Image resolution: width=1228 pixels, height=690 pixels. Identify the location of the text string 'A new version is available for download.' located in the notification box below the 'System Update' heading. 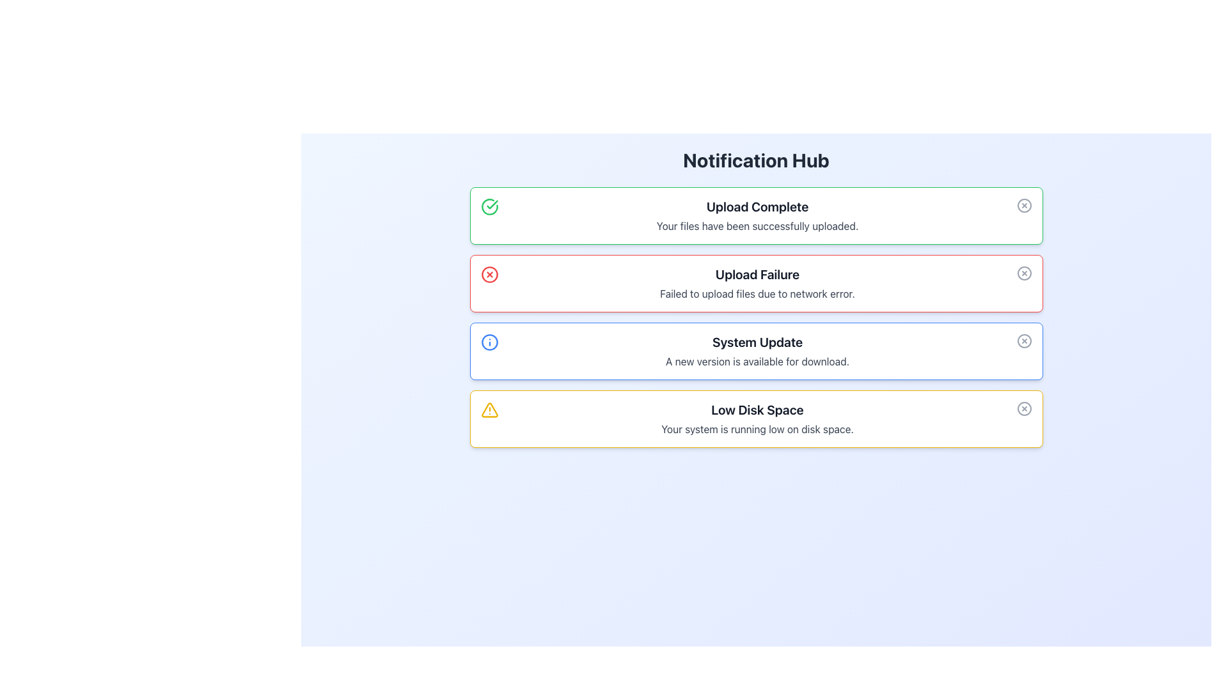
(757, 362).